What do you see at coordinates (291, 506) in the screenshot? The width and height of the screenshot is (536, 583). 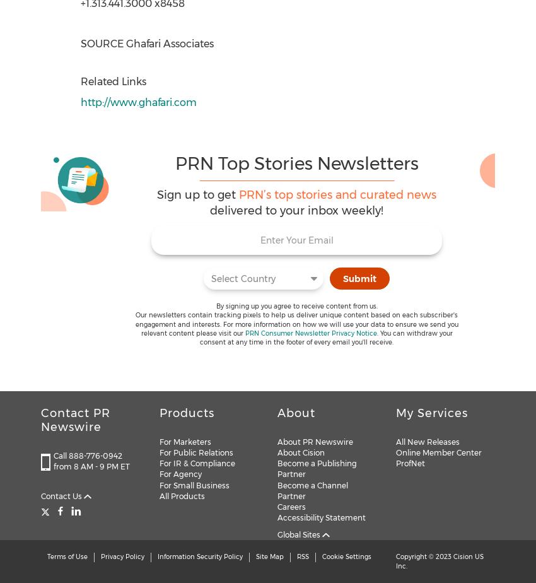 I see `'Careers'` at bounding box center [291, 506].